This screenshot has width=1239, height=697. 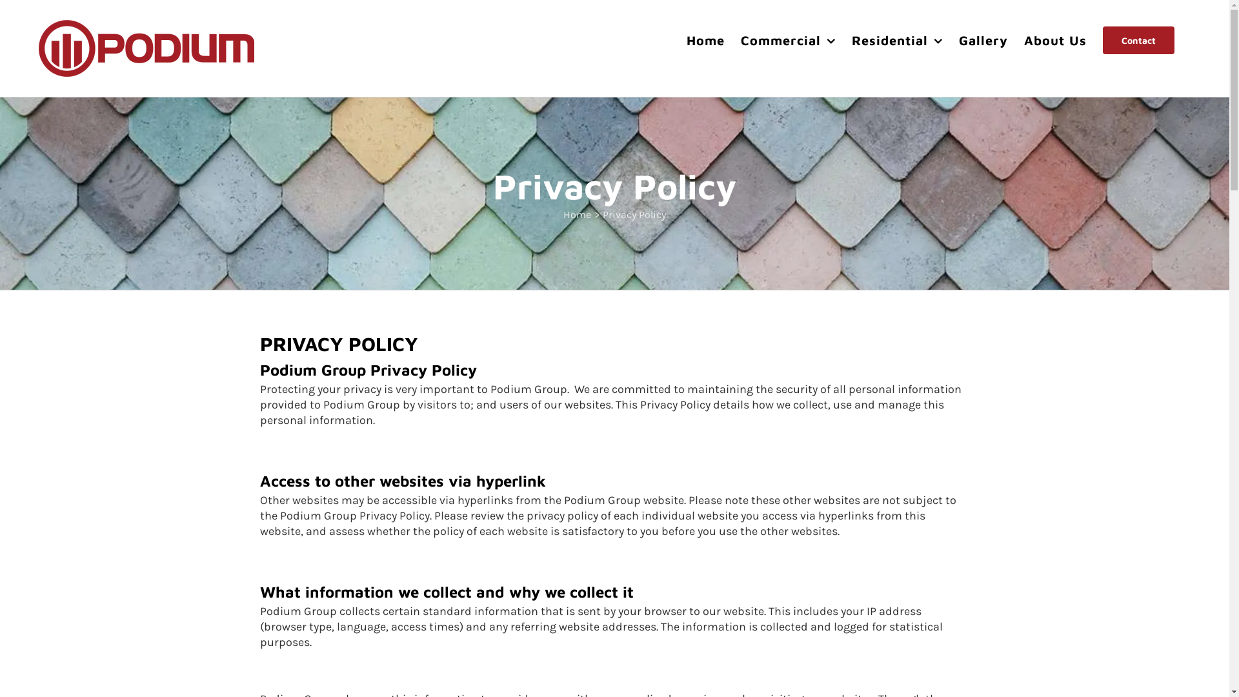 What do you see at coordinates (1138, 39) in the screenshot?
I see `'Contact'` at bounding box center [1138, 39].